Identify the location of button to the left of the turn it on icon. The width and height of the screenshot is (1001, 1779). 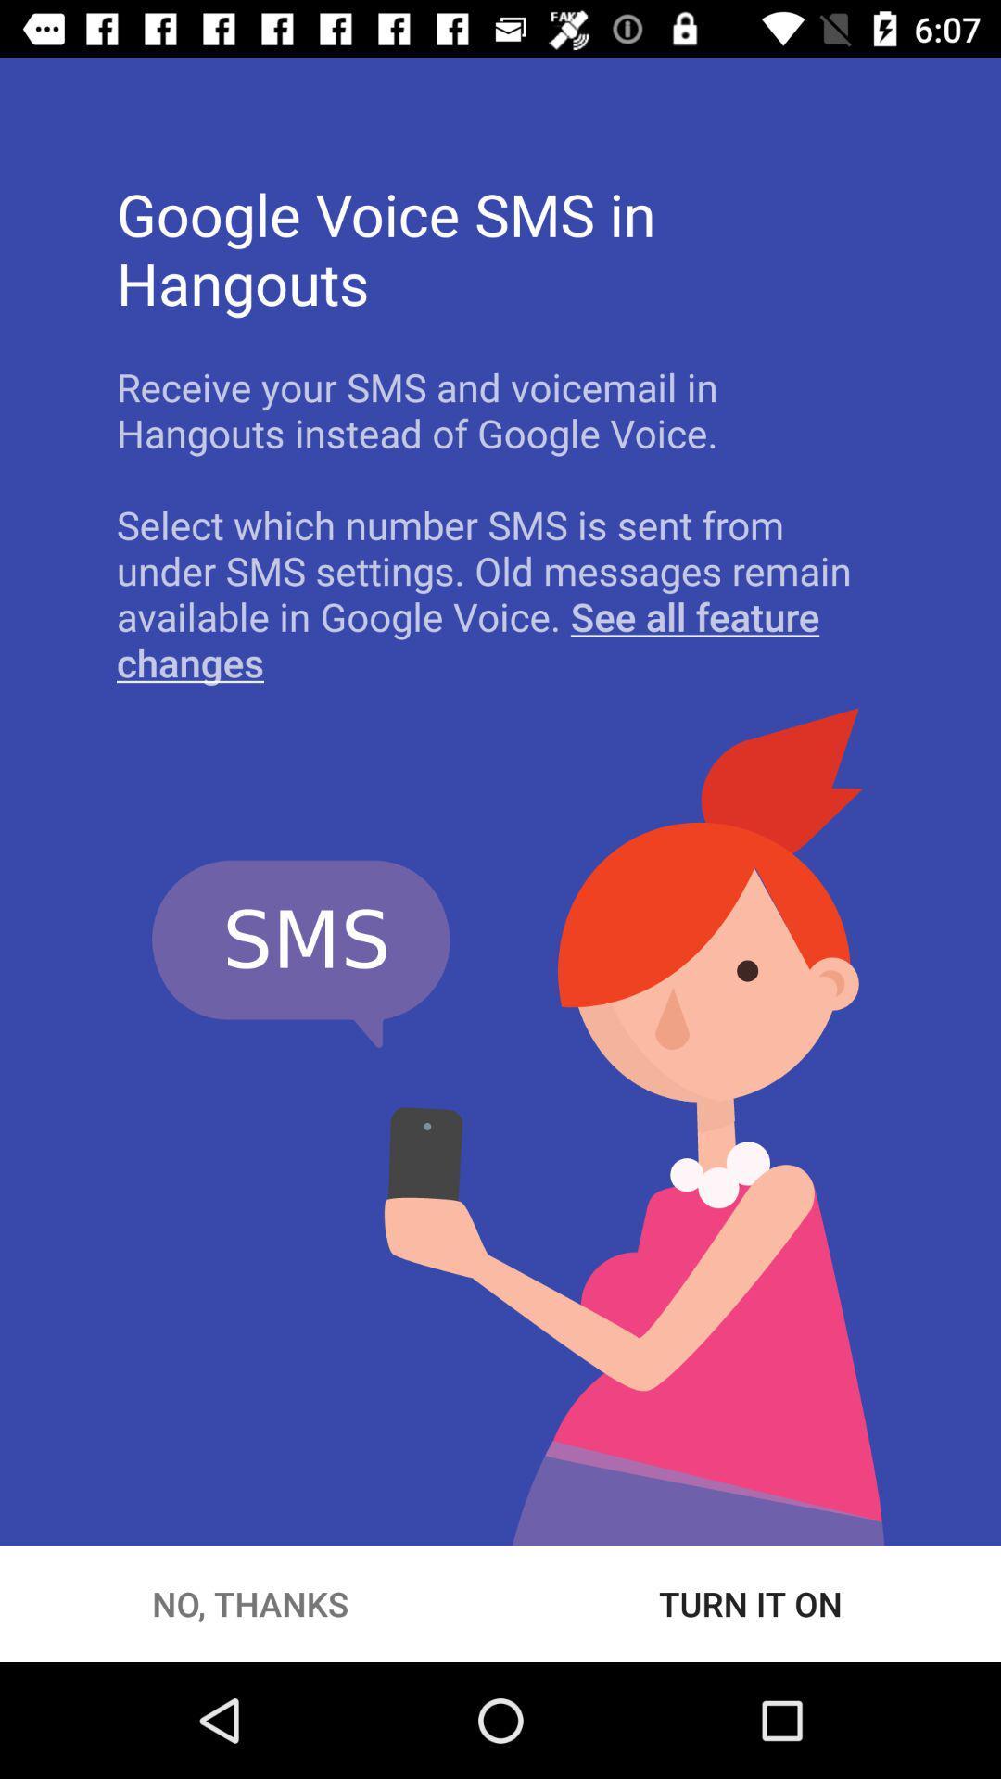
(250, 1603).